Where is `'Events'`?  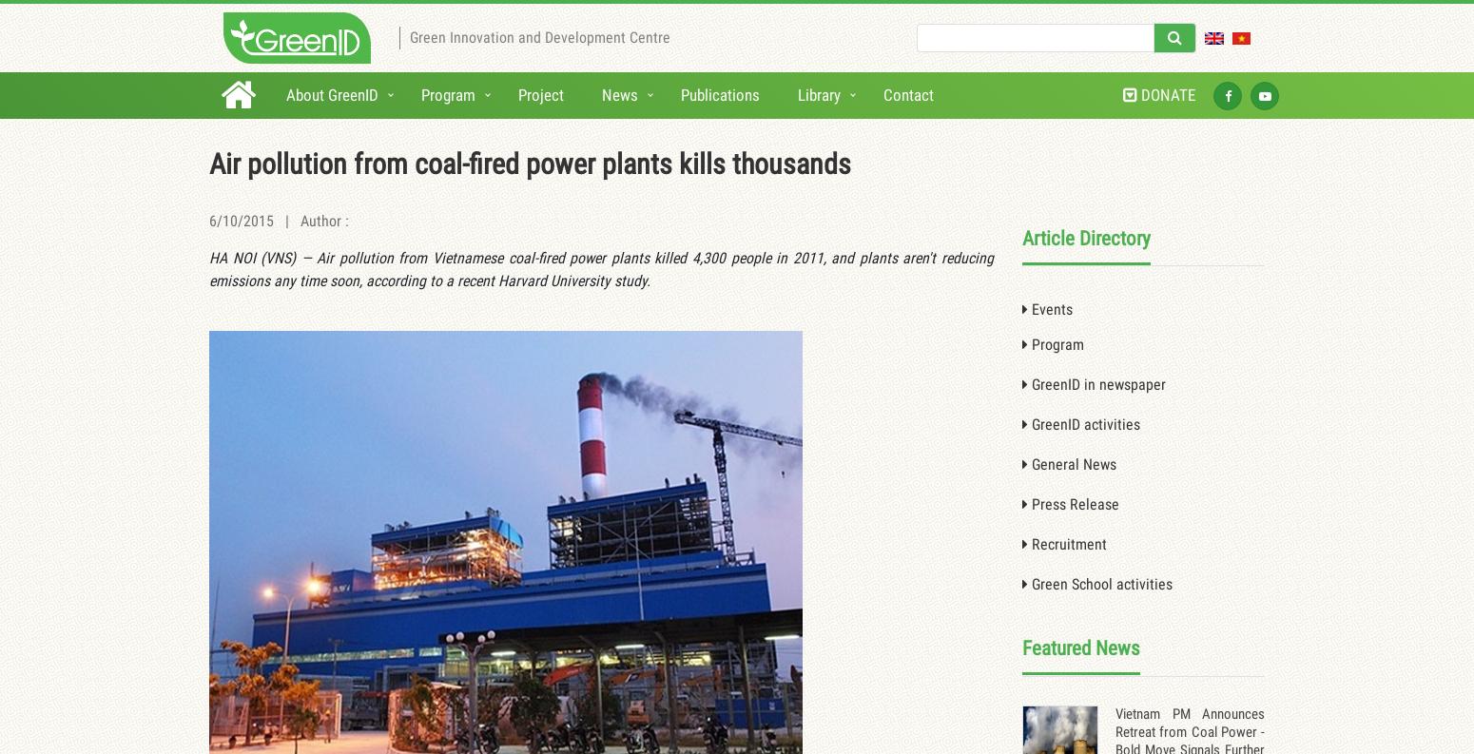
'Events' is located at coordinates (1027, 309).